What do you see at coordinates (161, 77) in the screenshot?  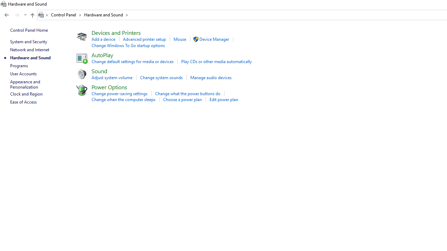 I see `'Change system sounds'` at bounding box center [161, 77].